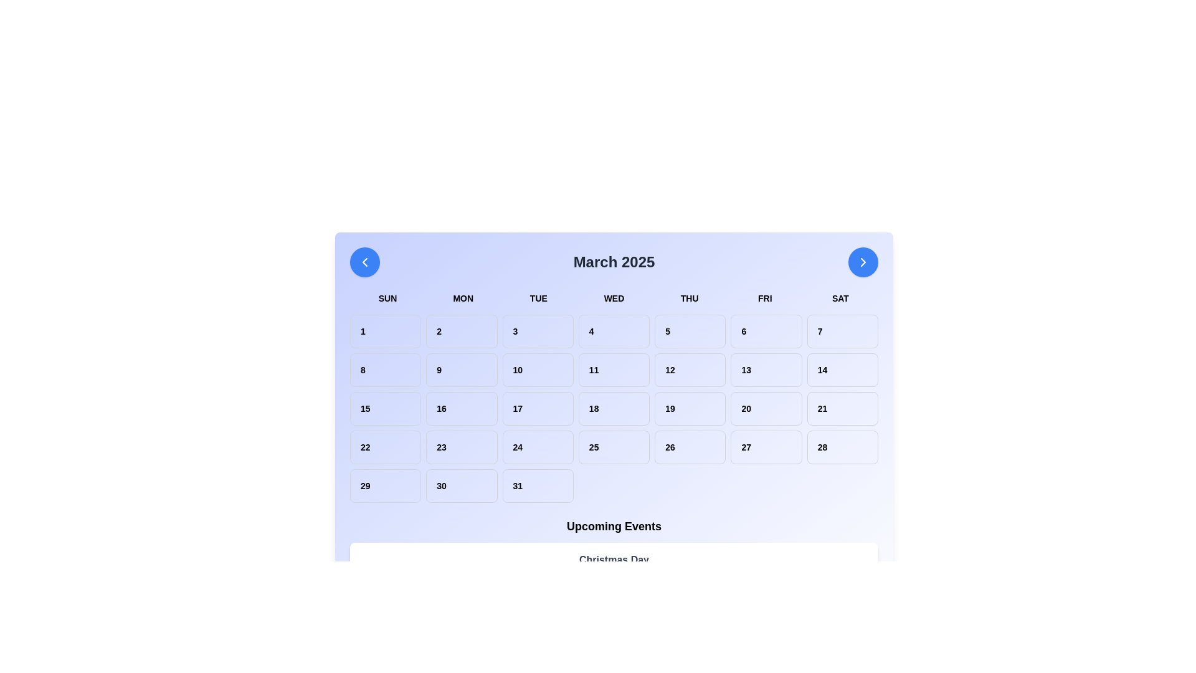 This screenshot has height=673, width=1196. What do you see at coordinates (385, 446) in the screenshot?
I see `the clickable day cell representing the 22nd` at bounding box center [385, 446].